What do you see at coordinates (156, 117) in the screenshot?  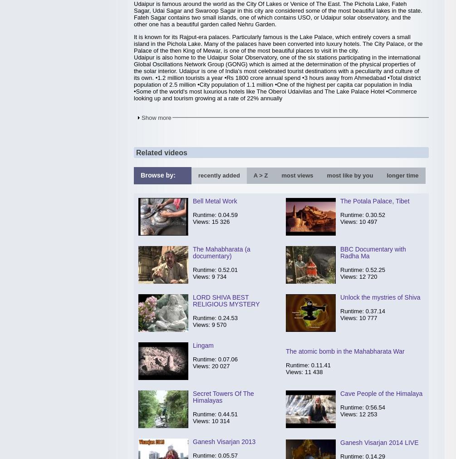 I see `'Show more'` at bounding box center [156, 117].